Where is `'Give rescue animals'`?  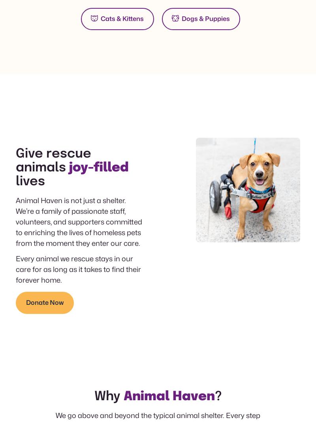
'Give rescue animals' is located at coordinates (53, 161).